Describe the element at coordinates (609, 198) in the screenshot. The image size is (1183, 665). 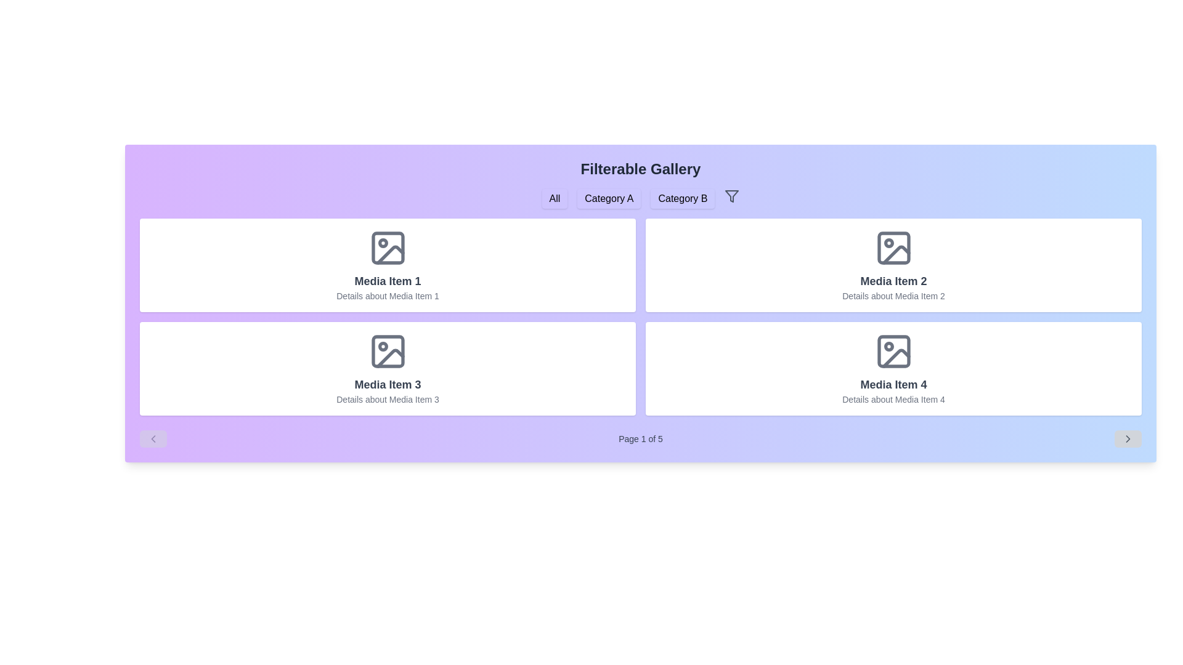
I see `the filter button for 'Category A' located between the 'All' button and the 'Category B' button in the media gallery` at that location.